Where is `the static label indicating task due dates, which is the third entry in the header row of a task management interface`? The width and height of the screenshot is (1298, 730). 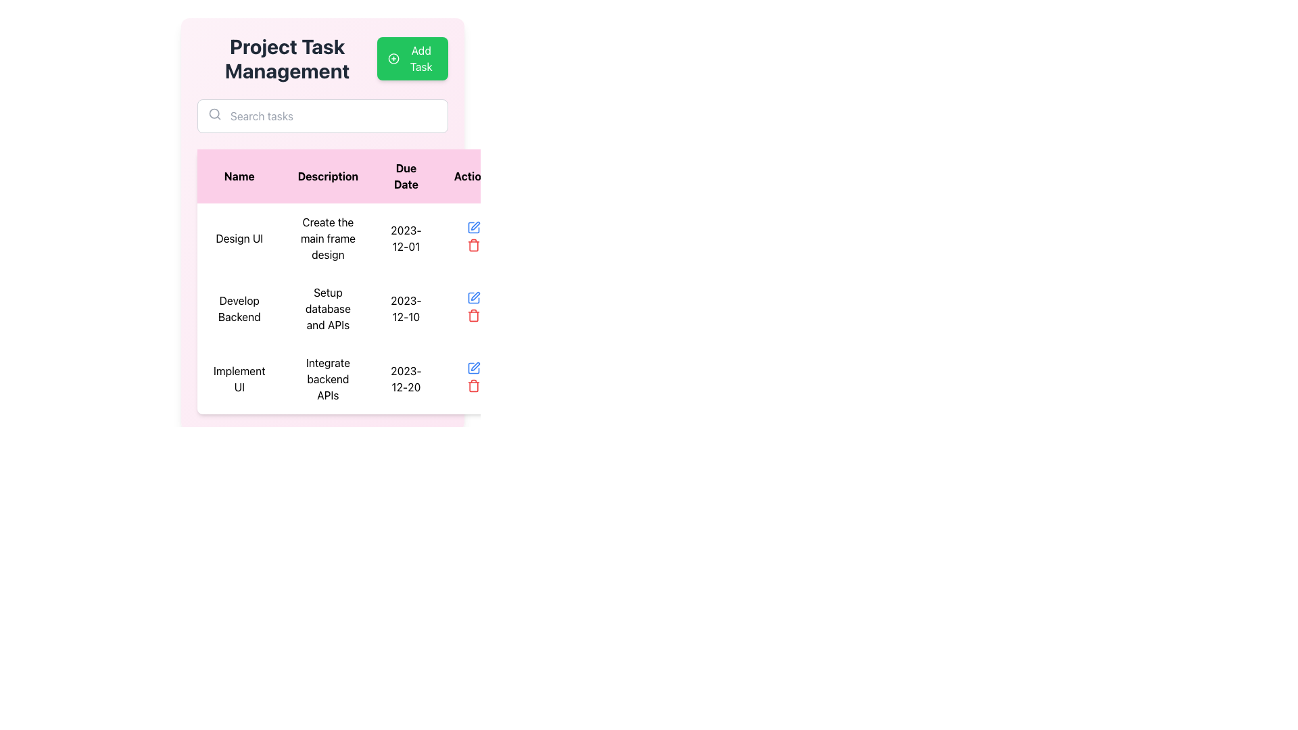
the static label indicating task due dates, which is the third entry in the header row of a task management interface is located at coordinates (405, 176).